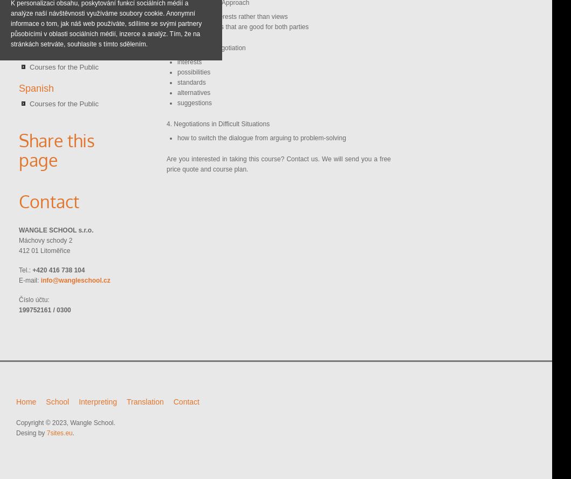  Describe the element at coordinates (279, 163) in the screenshot. I see `'Are you interested in taking this course? Contact us. We will send you a free price quote and course plan.'` at that location.